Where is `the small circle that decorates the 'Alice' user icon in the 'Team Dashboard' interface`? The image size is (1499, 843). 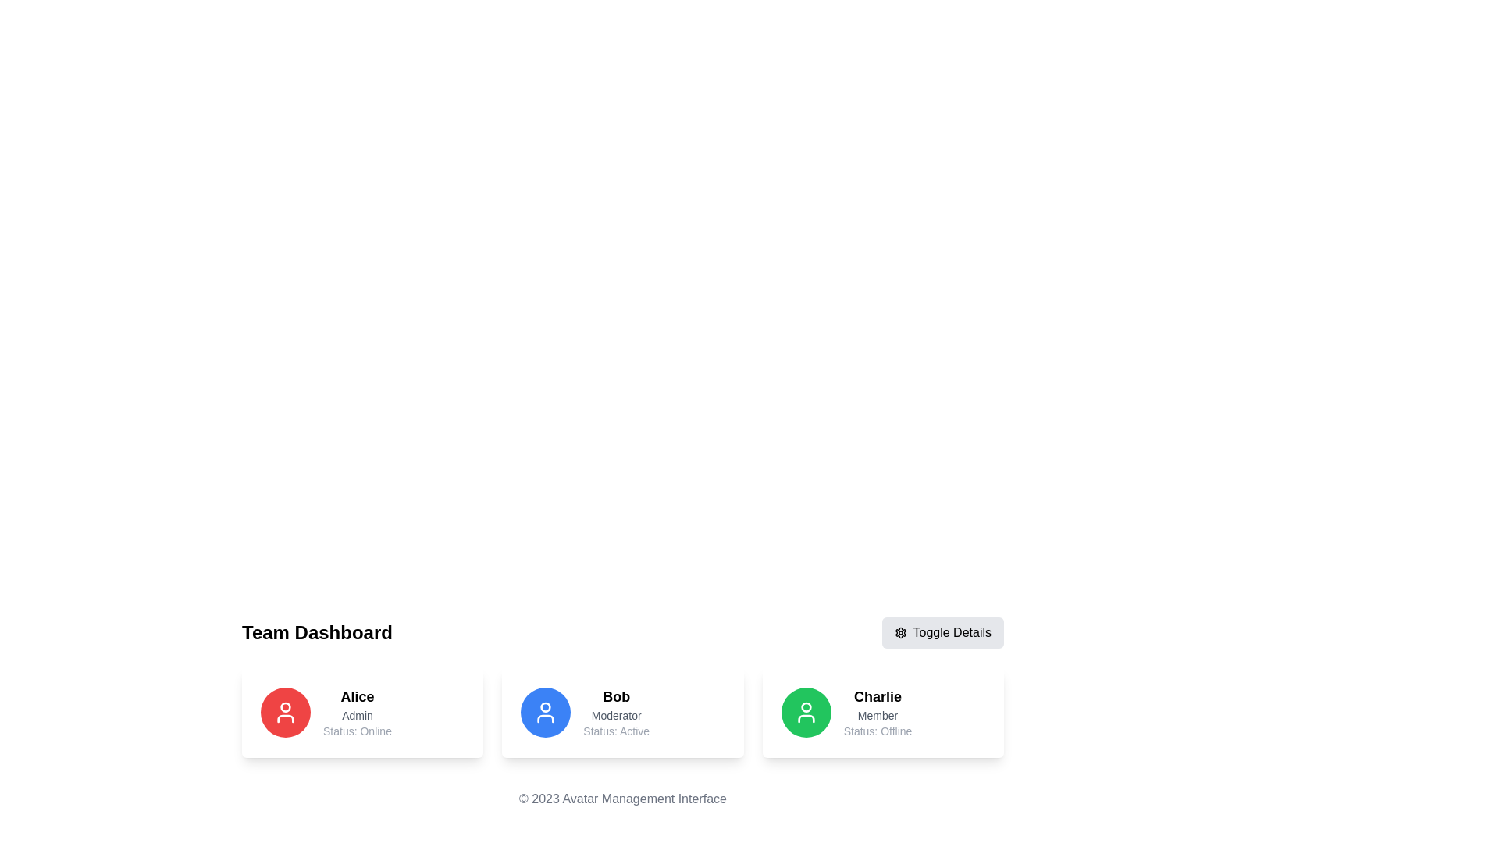
the small circle that decorates the 'Alice' user icon in the 'Team Dashboard' interface is located at coordinates (285, 707).